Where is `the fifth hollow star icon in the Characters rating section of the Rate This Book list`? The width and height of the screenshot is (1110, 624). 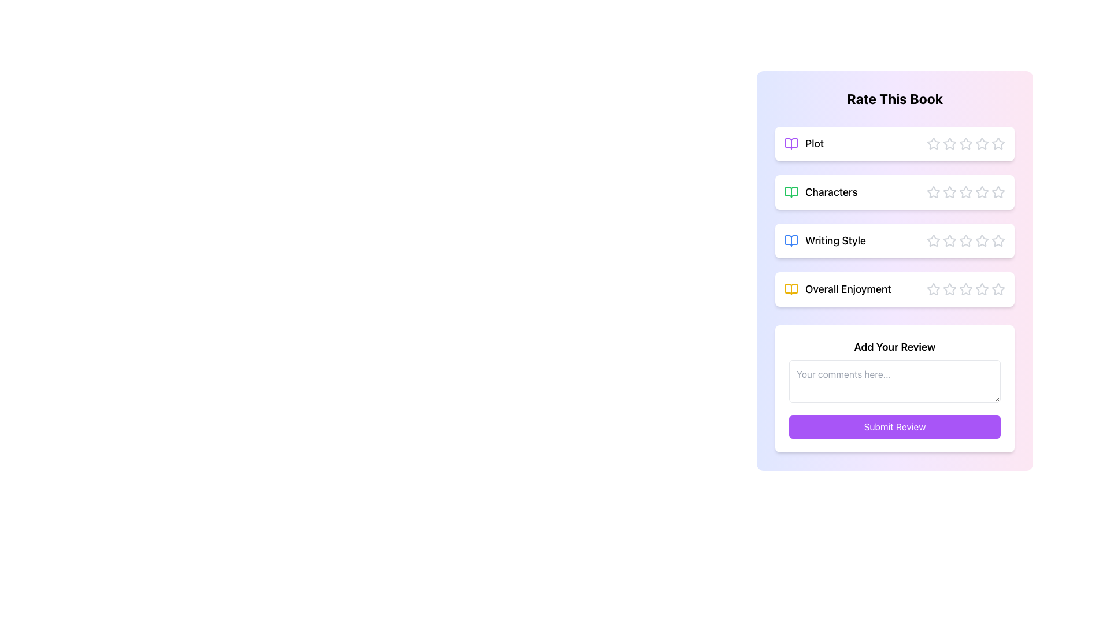 the fifth hollow star icon in the Characters rating section of the Rate This Book list is located at coordinates (998, 191).